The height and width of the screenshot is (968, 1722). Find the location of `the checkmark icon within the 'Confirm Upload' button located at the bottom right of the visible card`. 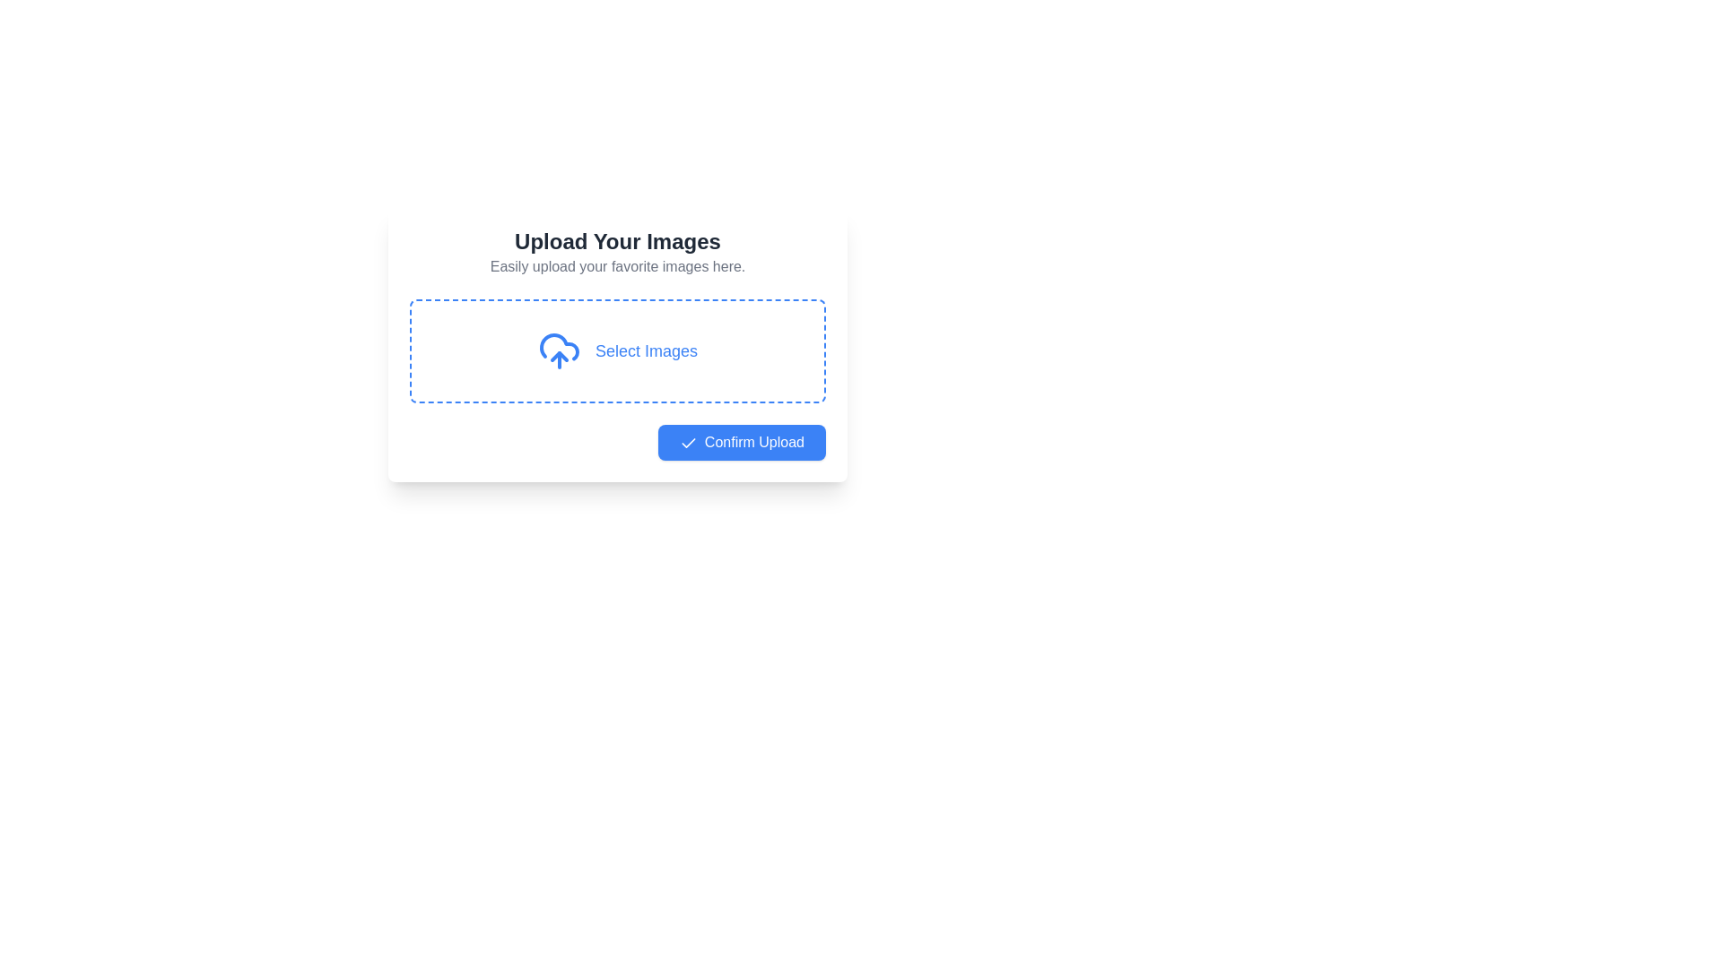

the checkmark icon within the 'Confirm Upload' button located at the bottom right of the visible card is located at coordinates (687, 443).